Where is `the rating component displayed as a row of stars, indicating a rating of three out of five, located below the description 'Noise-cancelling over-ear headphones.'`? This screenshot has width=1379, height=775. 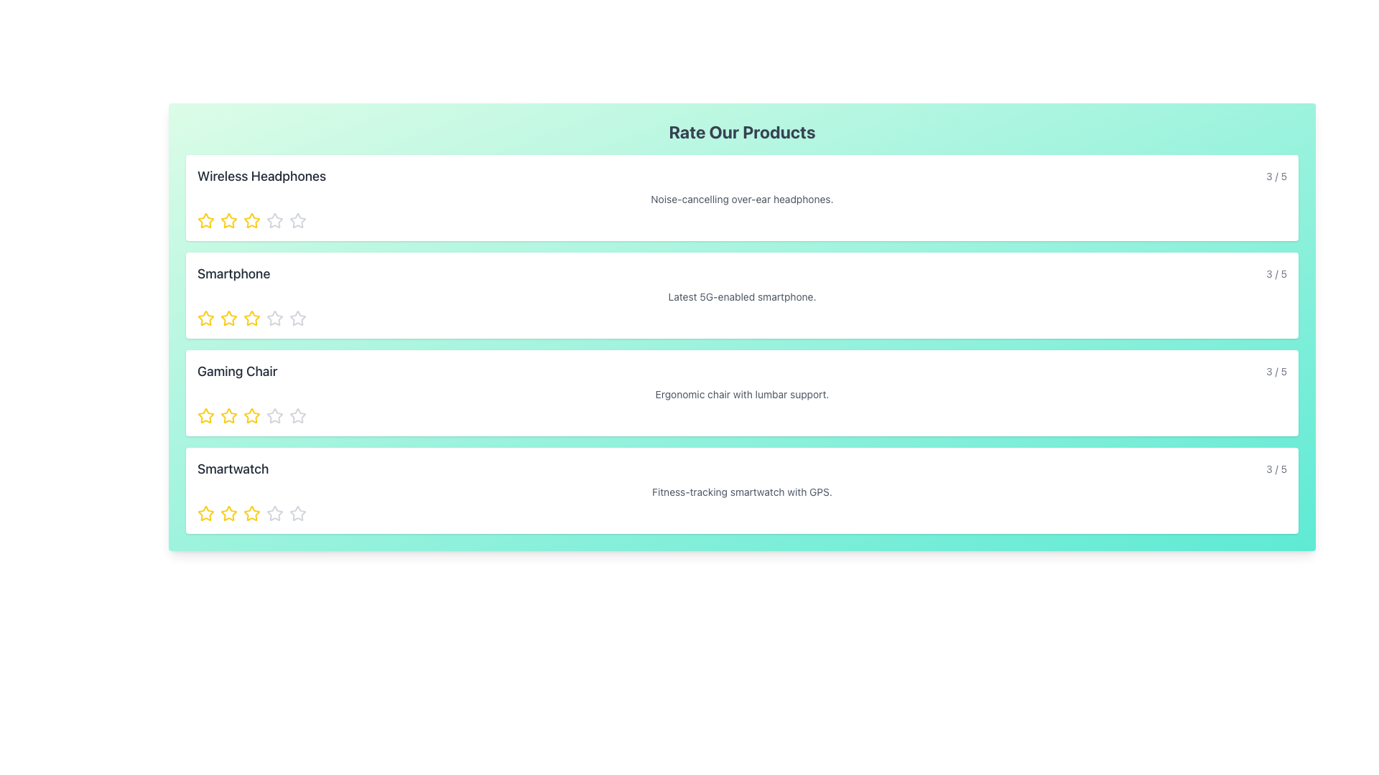 the rating component displayed as a row of stars, indicating a rating of three out of five, located below the description 'Noise-cancelling over-ear headphones.' is located at coordinates (742, 221).